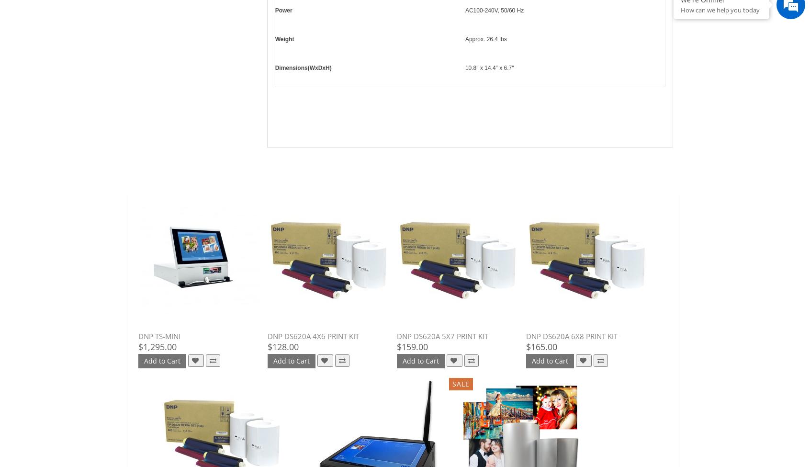 The height and width of the screenshot is (467, 810). I want to click on '$1,295.00', so click(137, 345).